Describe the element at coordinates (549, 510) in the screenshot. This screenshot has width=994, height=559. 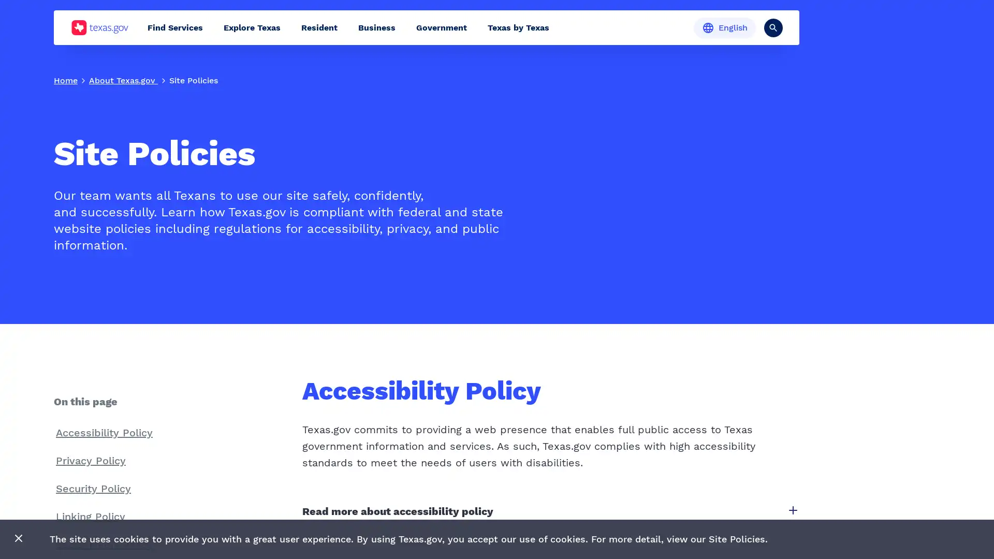
I see `Read more about accessibility policy Plus Icon` at that location.